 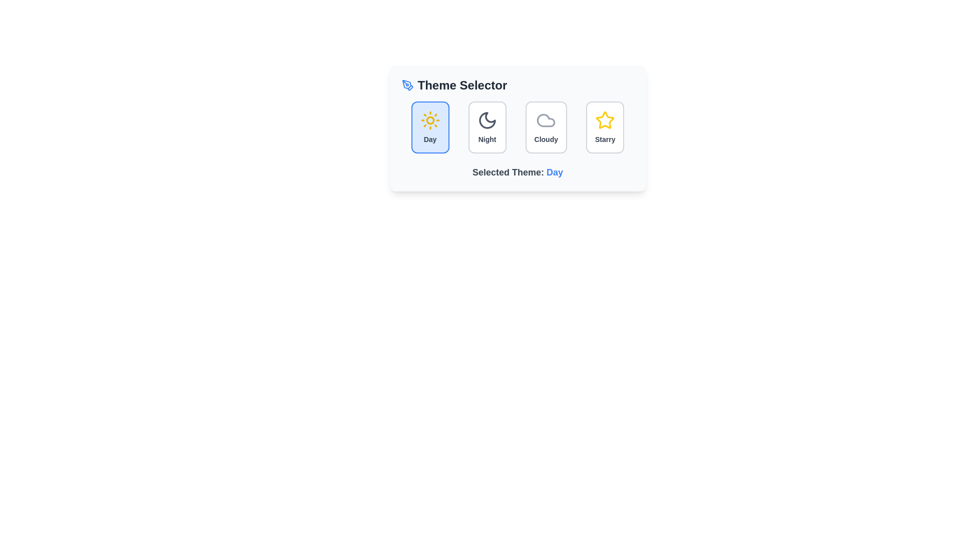 What do you see at coordinates (487, 126) in the screenshot?
I see `the 'Night' theme selection button, which is the second button in a horizontal group of four within the 'Theme Selector' panel, located between the 'Day' button and the 'Cloudy' button` at bounding box center [487, 126].